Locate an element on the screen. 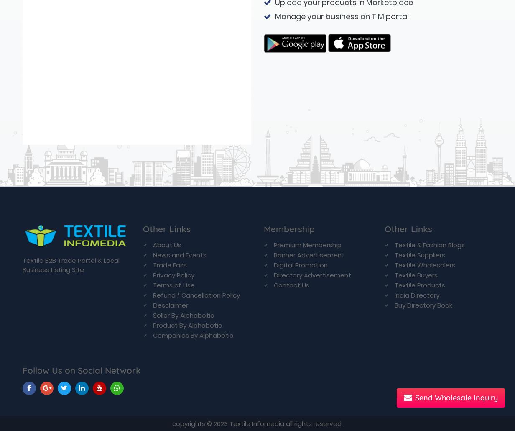  'Directory Advertisement' is located at coordinates (312, 14).